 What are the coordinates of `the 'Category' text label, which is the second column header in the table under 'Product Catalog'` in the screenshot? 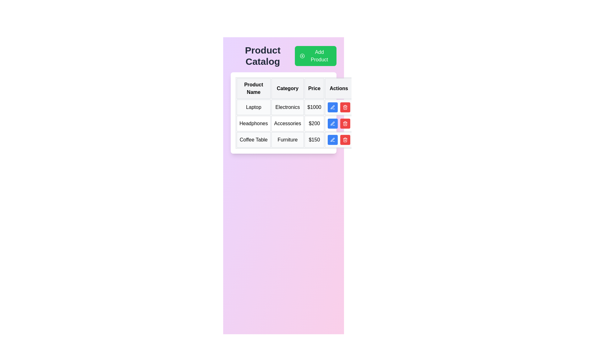 It's located at (287, 88).